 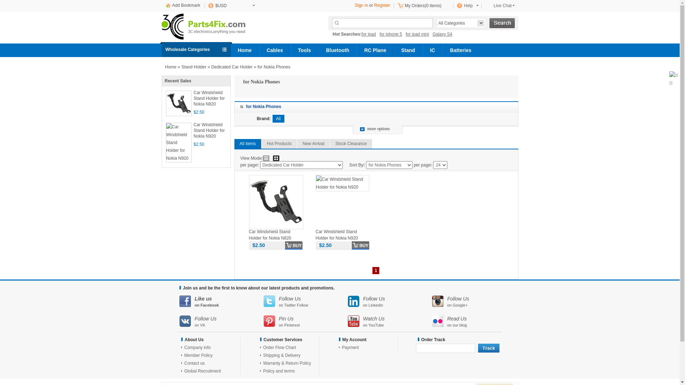 I want to click on 'for iphone 5', so click(x=392, y=34).